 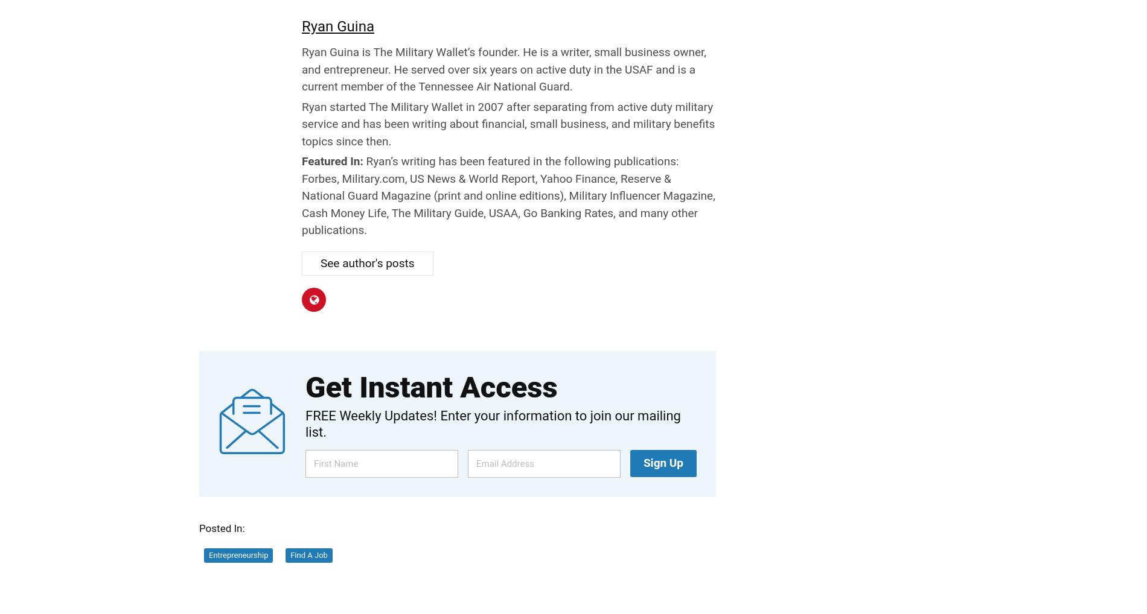 I want to click on 'Ryan’s writing has been featured in the following publications: Forbes, Military.com, US News & World Report, Yahoo Finance, Reserve & National Guard Magazine (print and online editions), Military Influencer Magazine, Cash Money Life, The Military Guide, USAA, Go Banking Rates, and many other publications.', so click(x=508, y=195).